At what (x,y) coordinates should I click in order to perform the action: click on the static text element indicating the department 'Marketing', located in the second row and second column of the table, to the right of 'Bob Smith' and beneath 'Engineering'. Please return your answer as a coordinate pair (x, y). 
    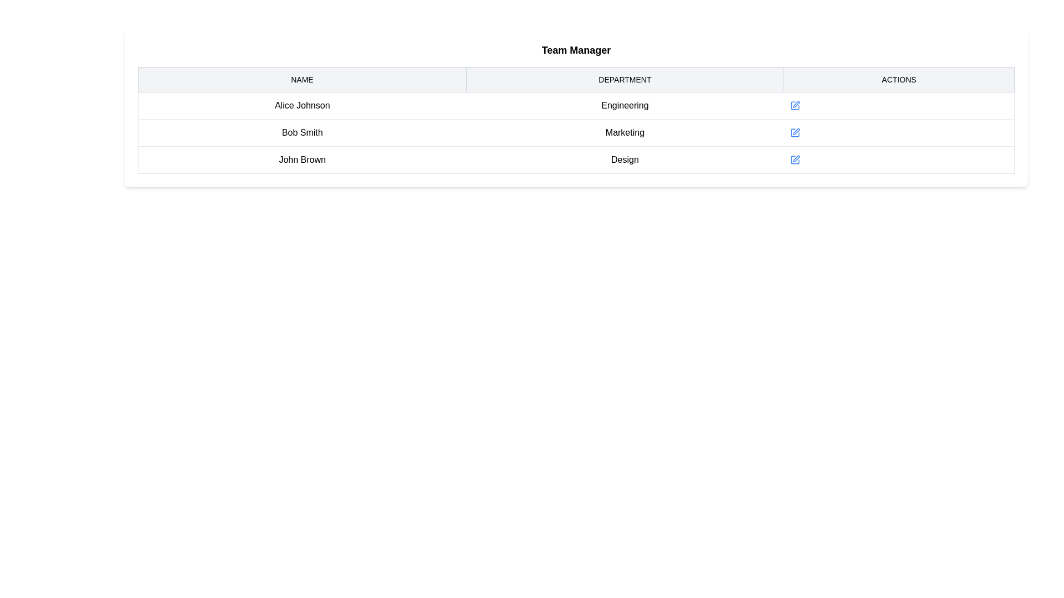
    Looking at the image, I should click on (625, 132).